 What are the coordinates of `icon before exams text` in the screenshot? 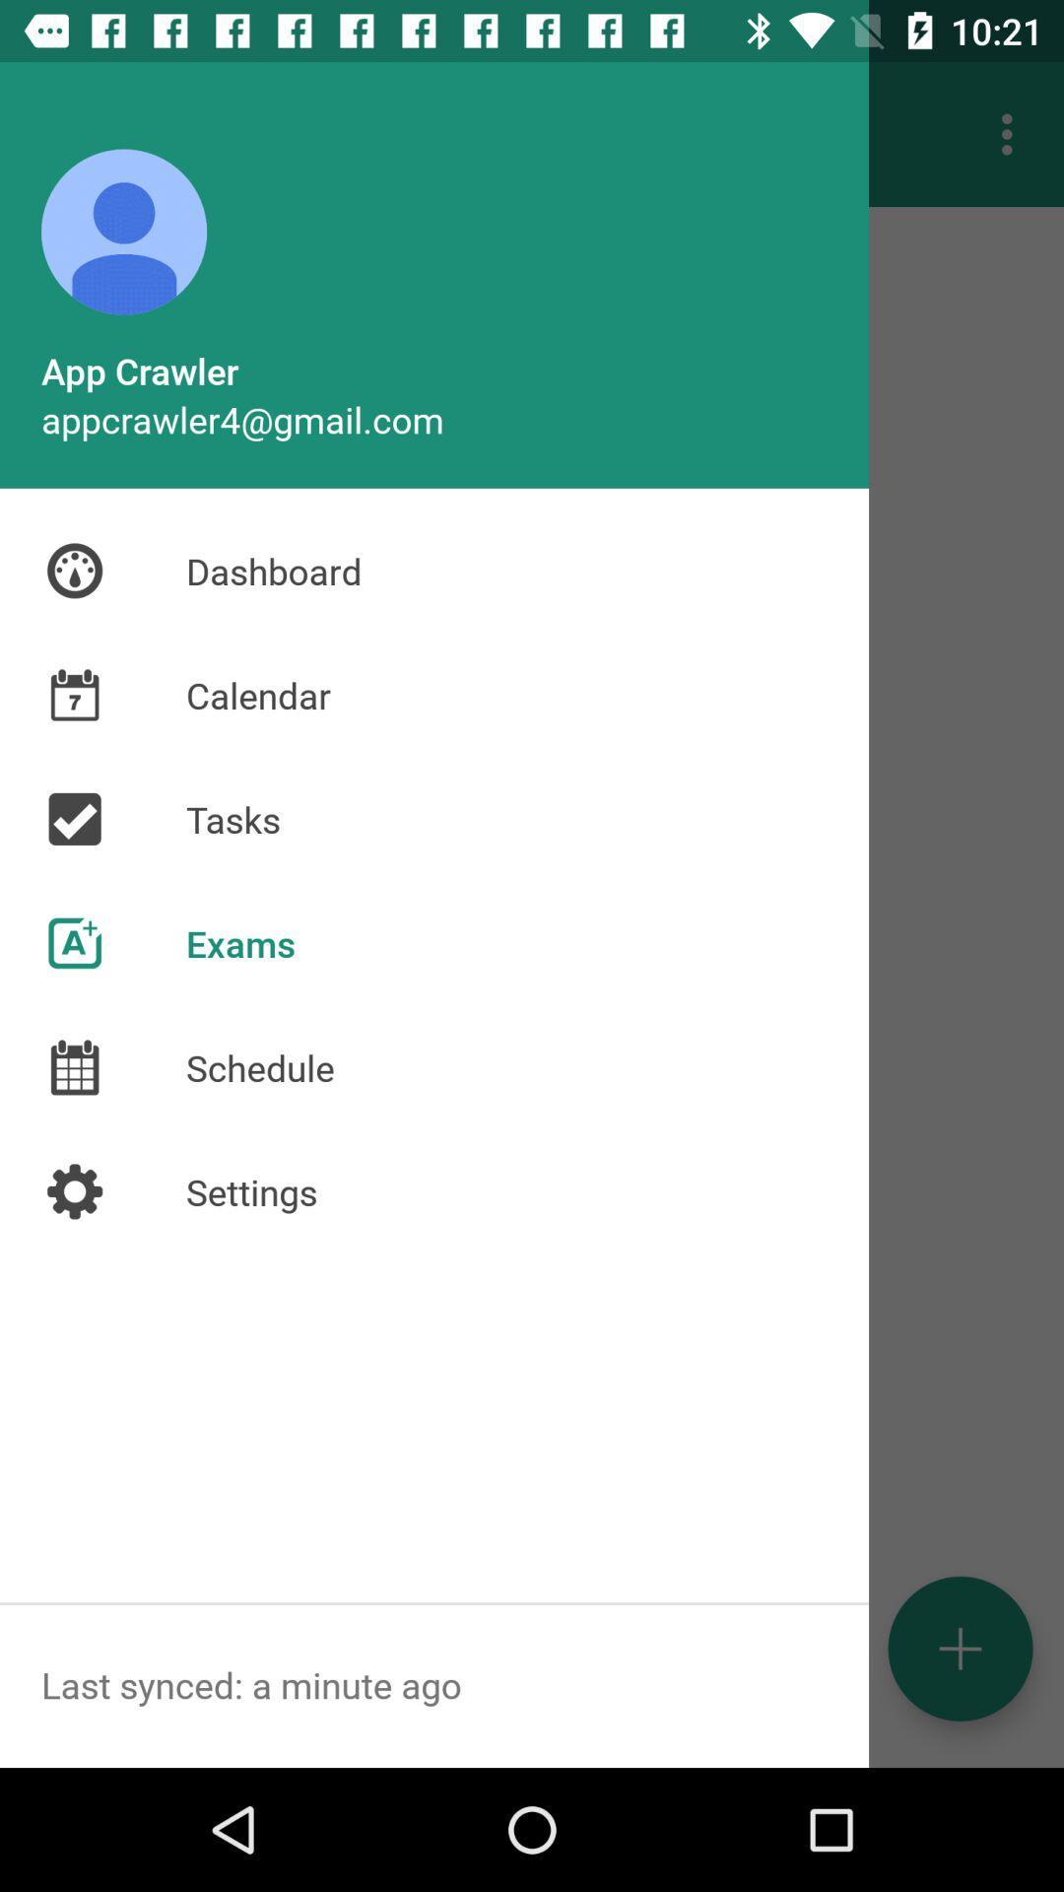 It's located at (74, 942).